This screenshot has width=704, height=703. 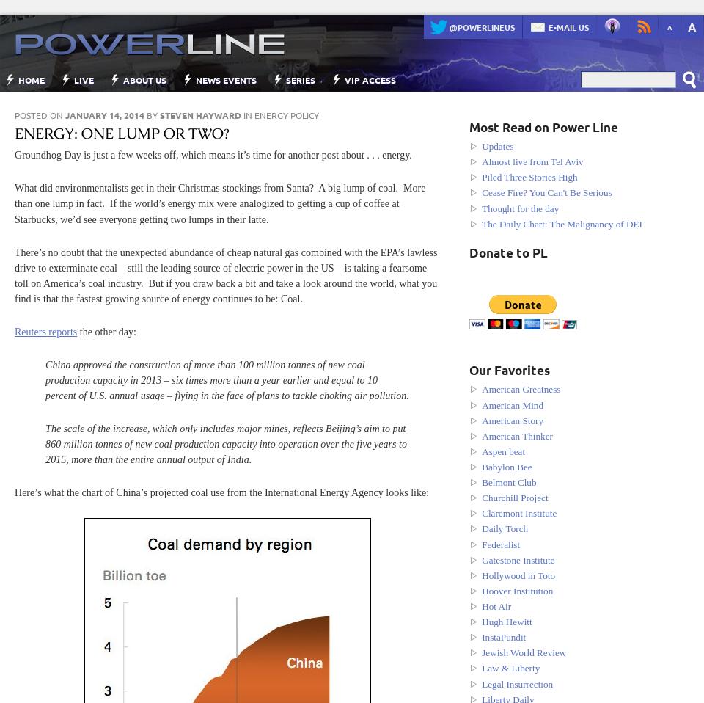 I want to click on 'Law & Liberty', so click(x=510, y=668).